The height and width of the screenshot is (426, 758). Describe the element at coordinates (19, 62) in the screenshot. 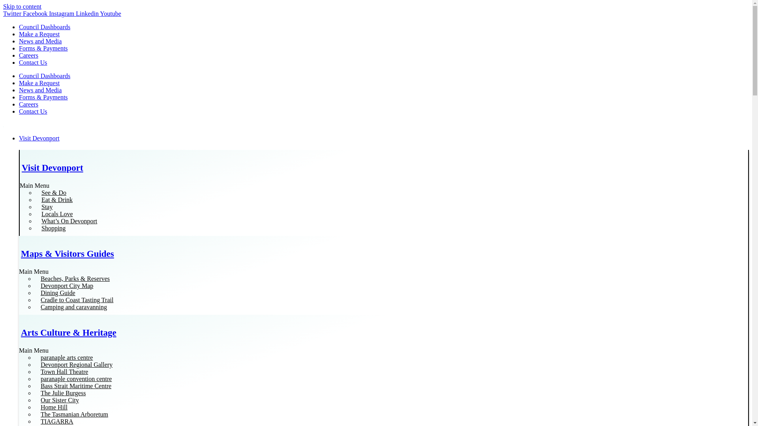

I see `'Contact Us'` at that location.